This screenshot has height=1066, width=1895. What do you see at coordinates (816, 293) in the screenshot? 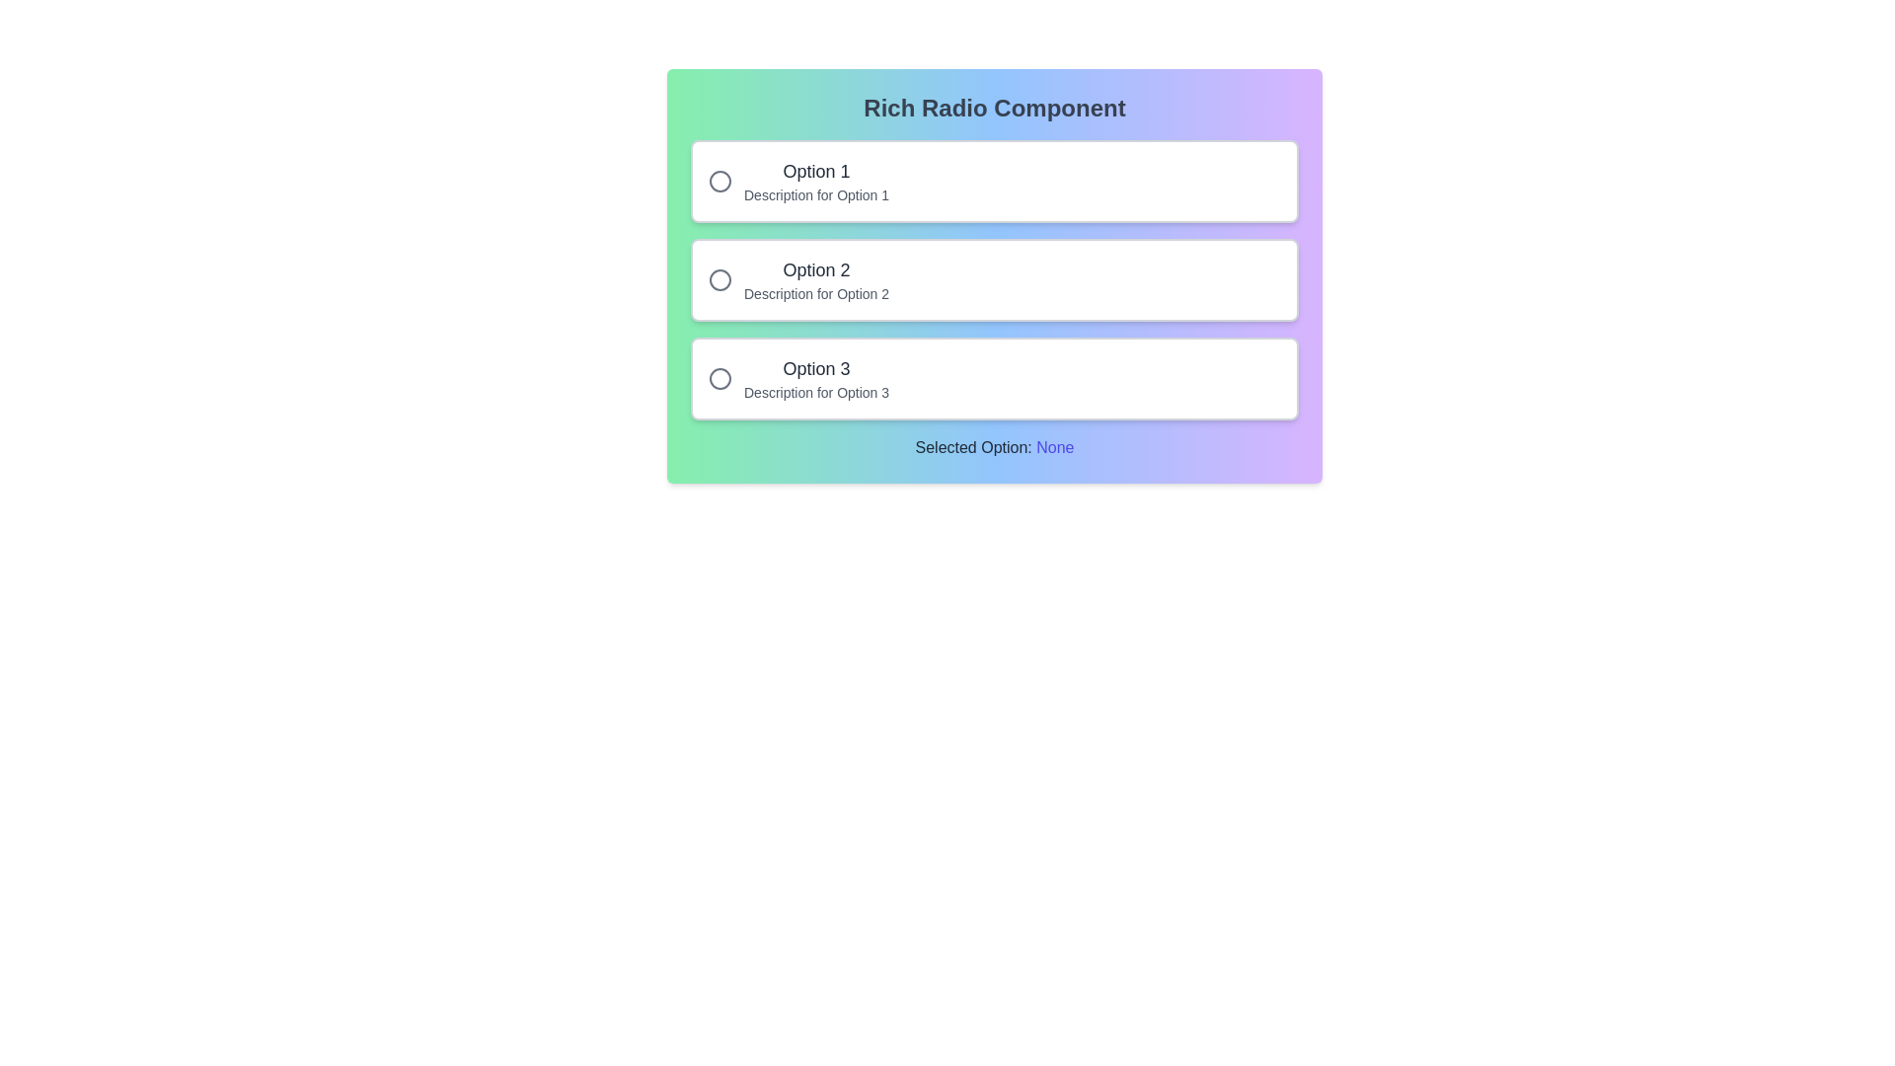
I see `the text label that provides additional context for the 'Option 2' radio button, located centrally below the 'Option 2' label` at bounding box center [816, 293].